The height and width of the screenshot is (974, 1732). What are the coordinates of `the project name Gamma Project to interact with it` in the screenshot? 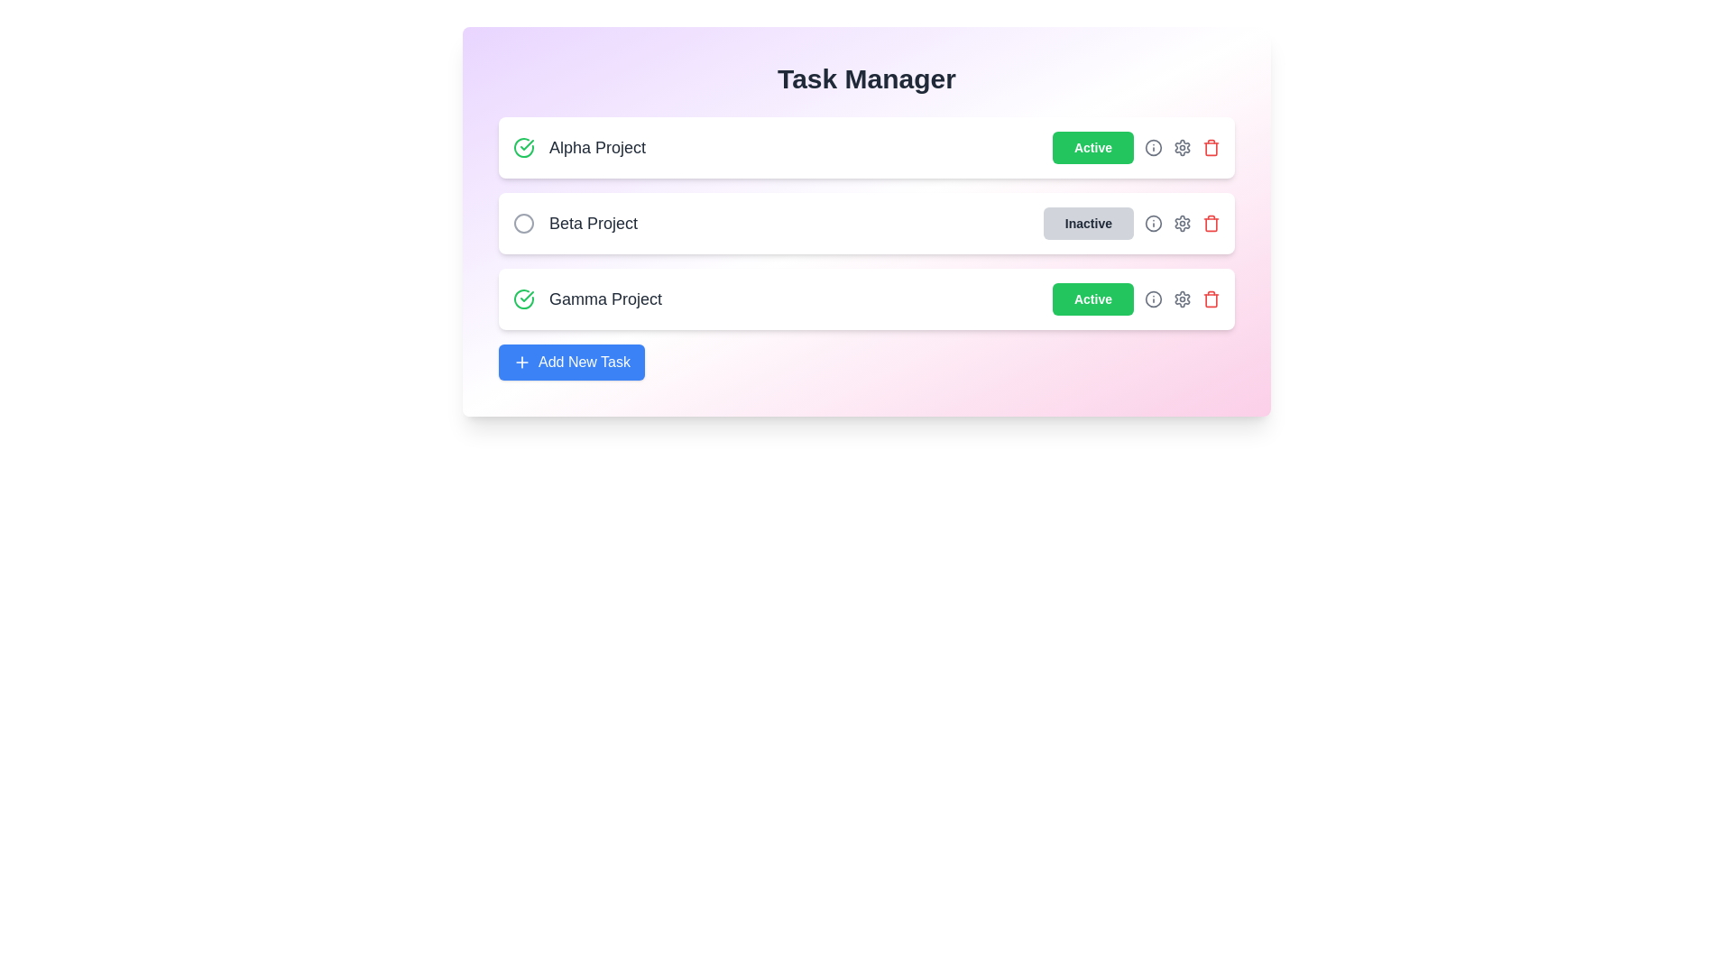 It's located at (587, 298).